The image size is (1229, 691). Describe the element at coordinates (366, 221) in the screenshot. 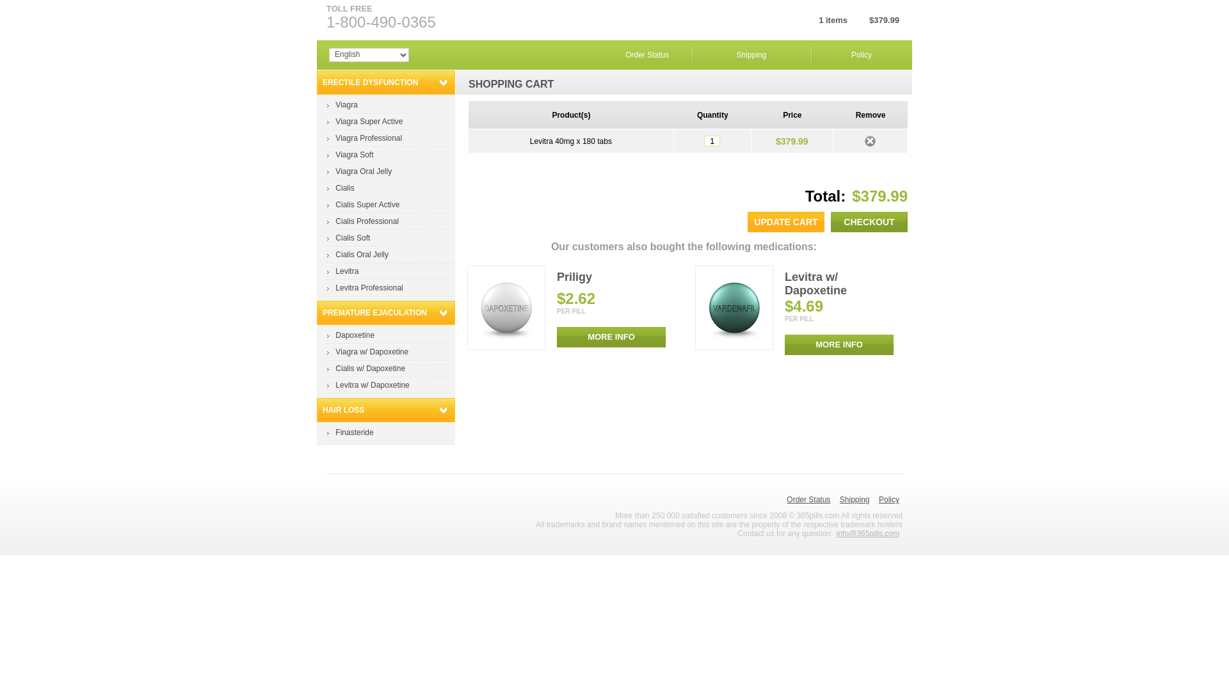

I see `'Cialis Professional'` at that location.